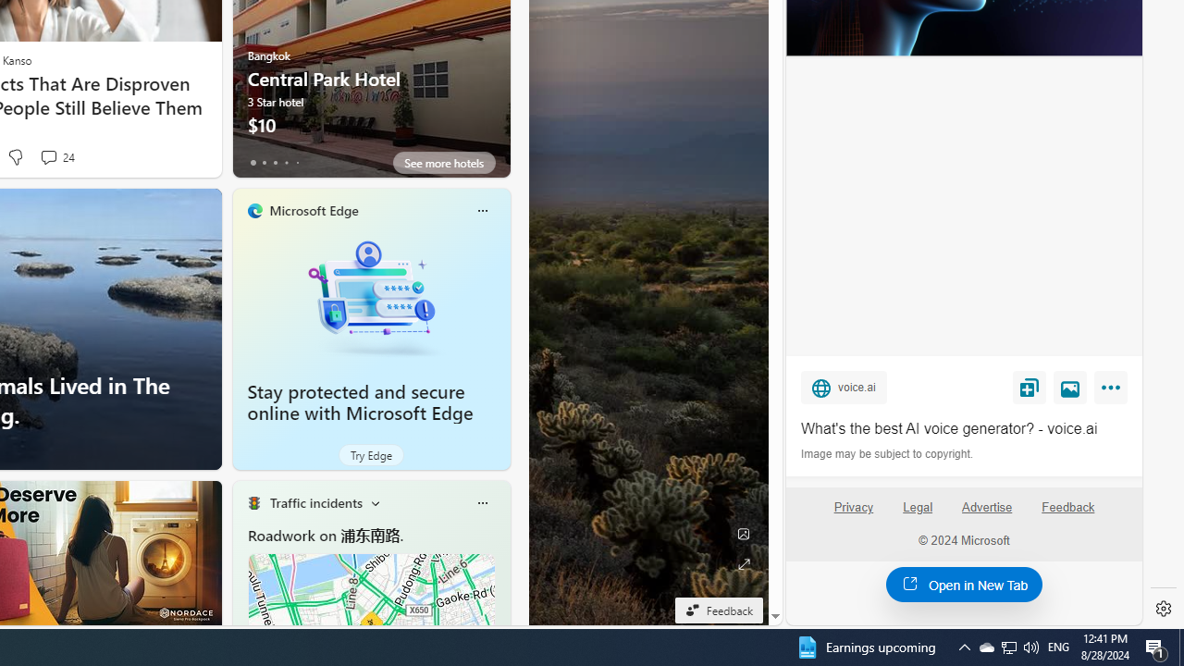  Describe the element at coordinates (315, 502) in the screenshot. I see `'Traffic incidents'` at that location.